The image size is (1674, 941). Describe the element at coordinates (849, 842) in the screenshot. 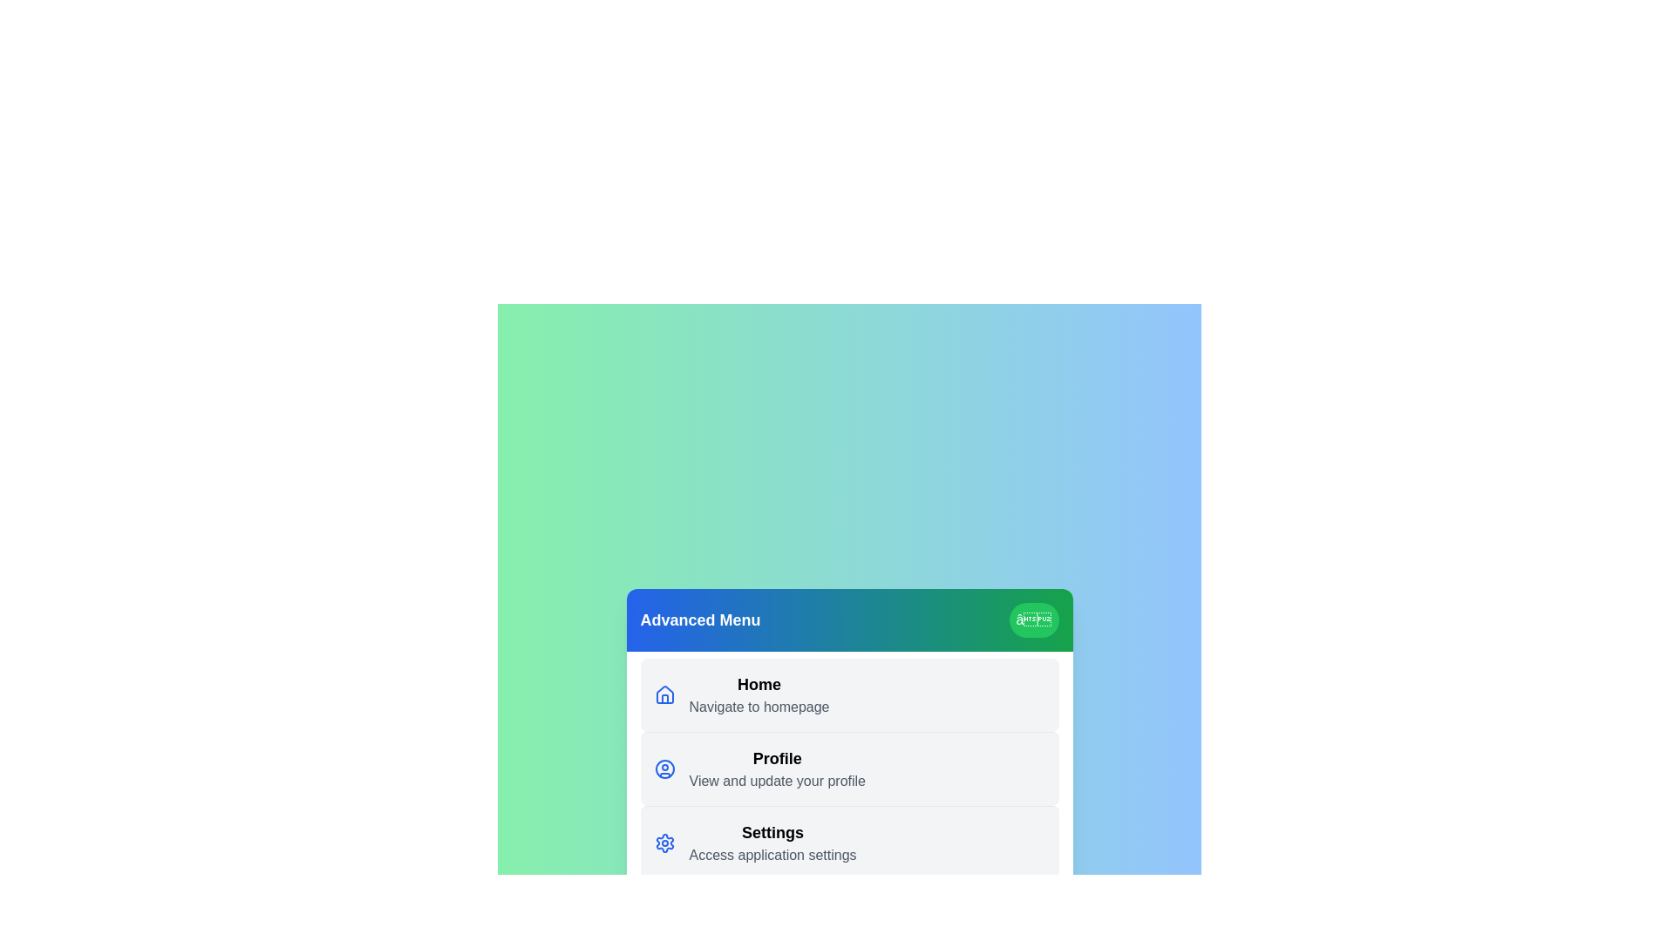

I see `the menu item Settings from the list` at that location.